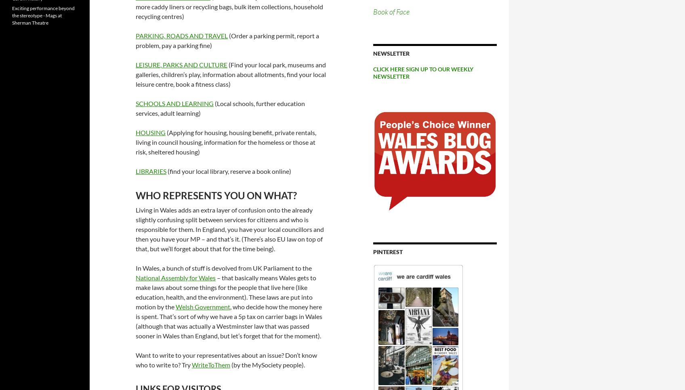  Describe the element at coordinates (225, 141) in the screenshot. I see `'(Applying for housing, housing benefit, private rentals, living in council housing, information for the homeless or those at risk, sheltered housing)'` at that location.